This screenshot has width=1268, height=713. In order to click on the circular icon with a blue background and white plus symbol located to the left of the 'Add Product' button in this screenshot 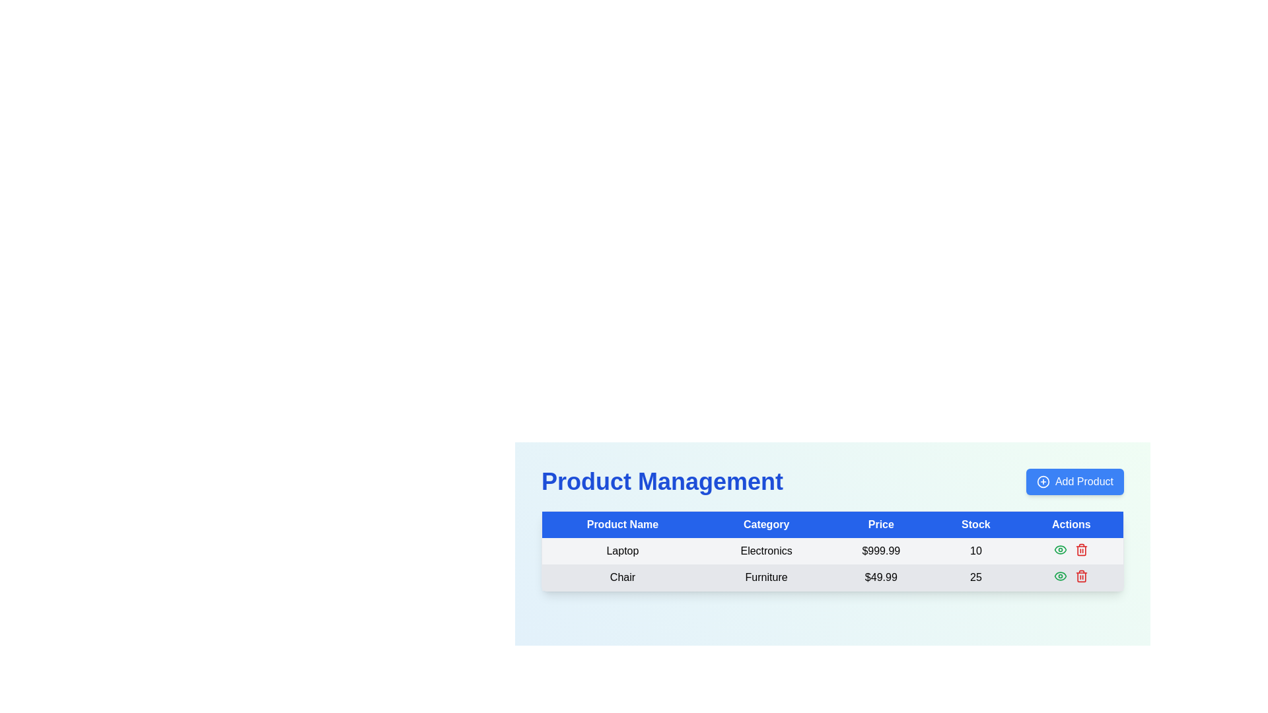, I will do `click(1042, 481)`.